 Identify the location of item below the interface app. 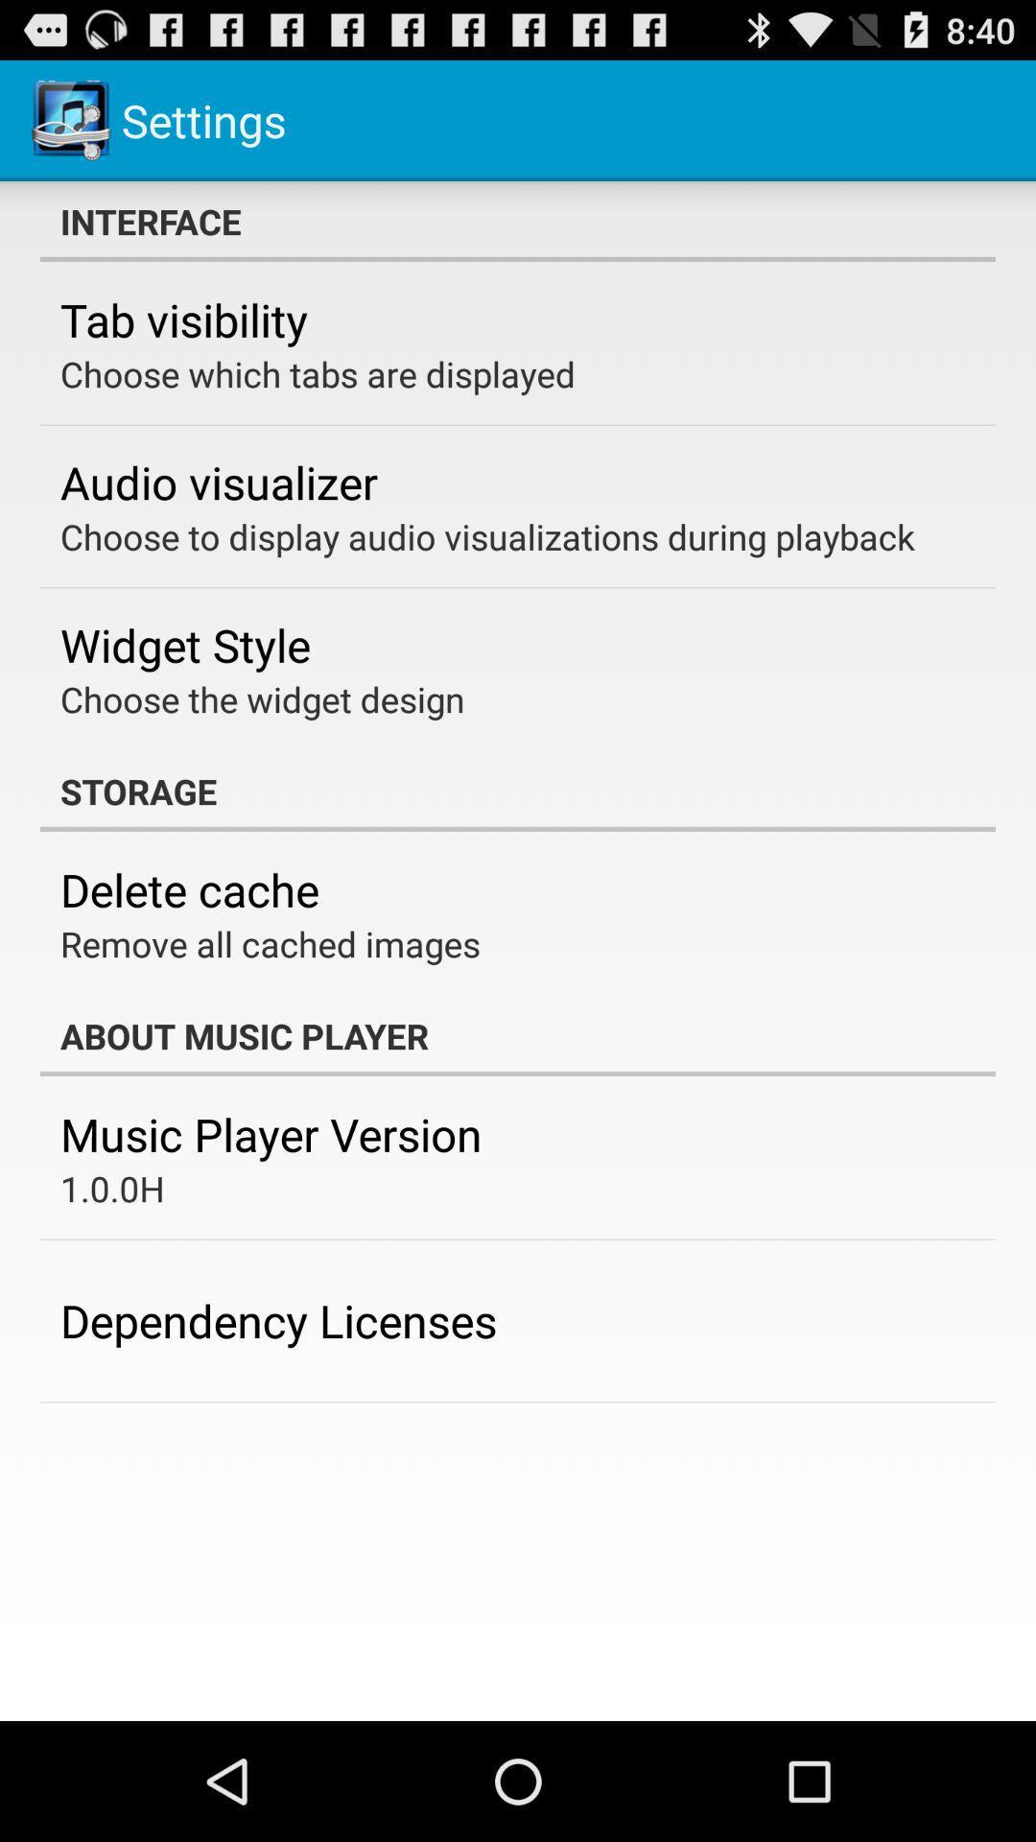
(184, 319).